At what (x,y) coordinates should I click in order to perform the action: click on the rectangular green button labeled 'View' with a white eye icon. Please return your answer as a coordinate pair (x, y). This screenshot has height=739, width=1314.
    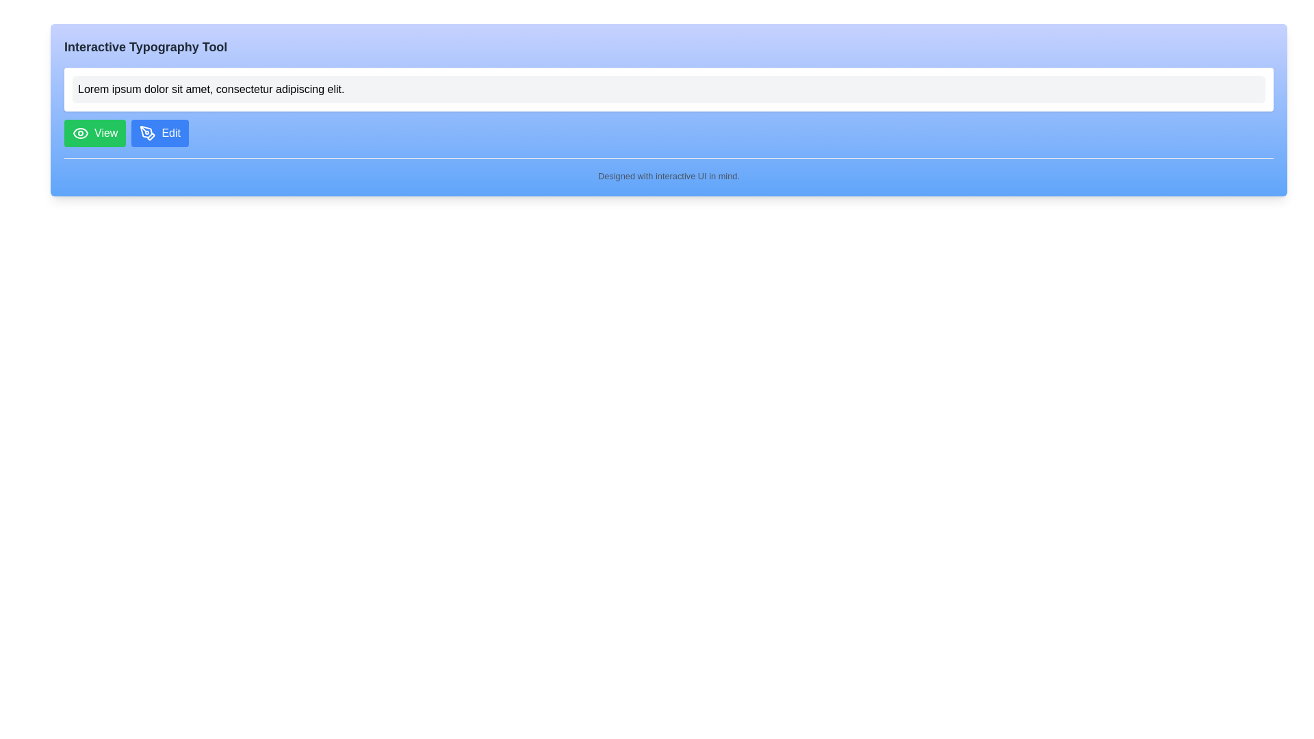
    Looking at the image, I should click on (94, 133).